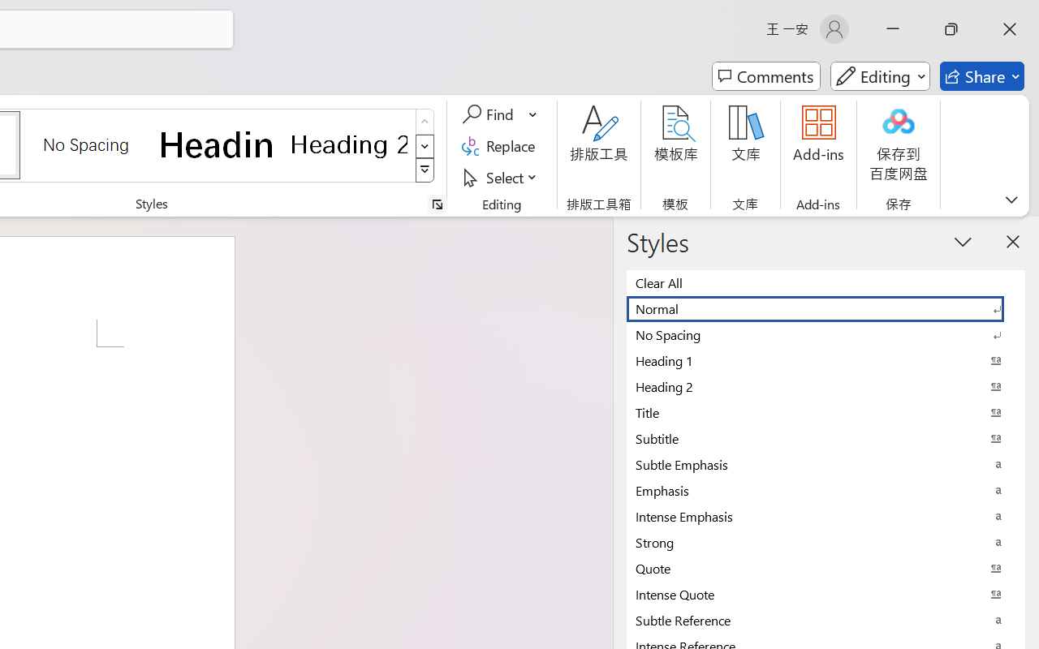 The width and height of the screenshot is (1039, 649). What do you see at coordinates (425, 145) in the screenshot?
I see `'Row Down'` at bounding box center [425, 145].